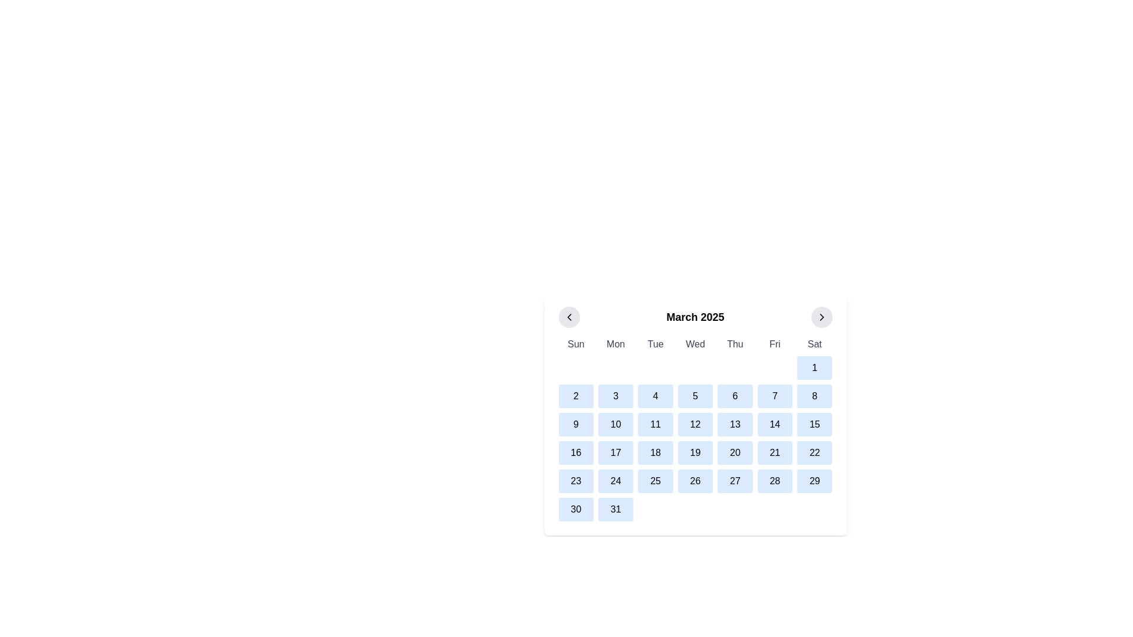 Image resolution: width=1133 pixels, height=637 pixels. What do you see at coordinates (775, 367) in the screenshot?
I see `the small black circular marker located in the calendar grid under the 'Fri' column` at bounding box center [775, 367].